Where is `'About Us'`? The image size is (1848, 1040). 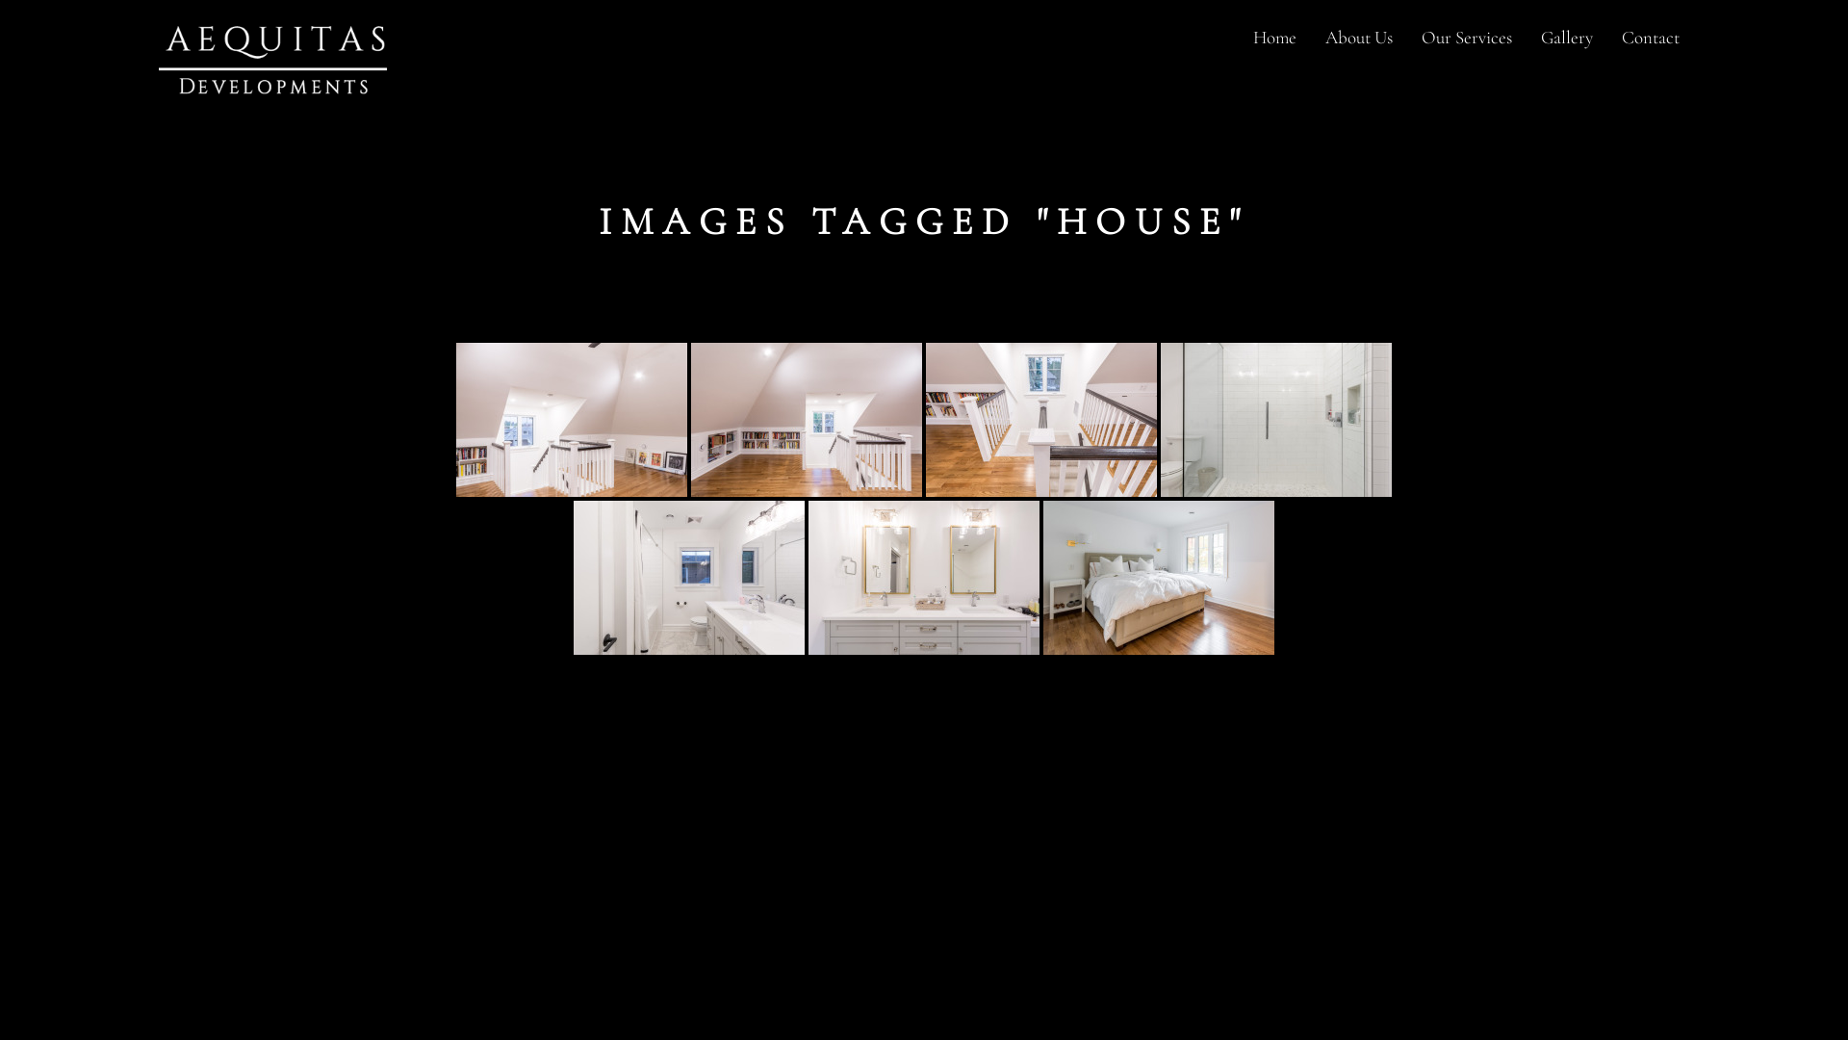
'About Us' is located at coordinates (1357, 38).